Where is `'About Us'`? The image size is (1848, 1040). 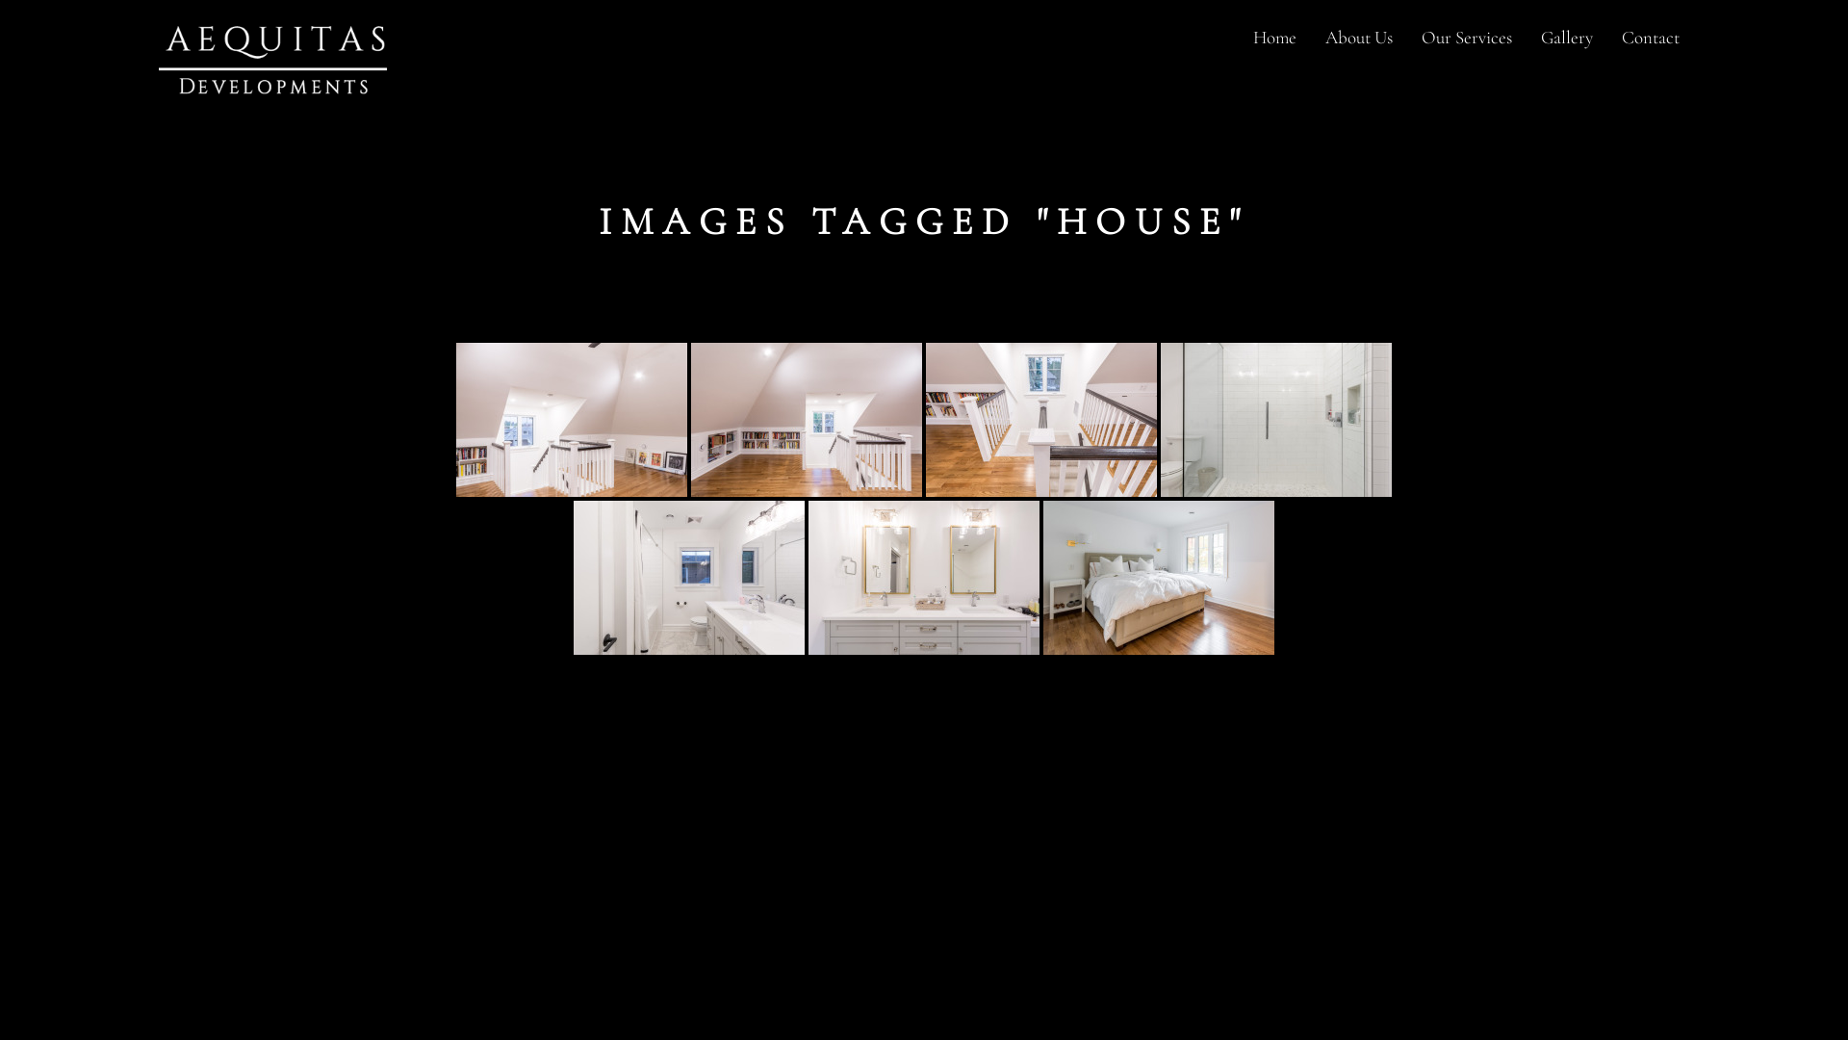
'About Us' is located at coordinates (1357, 38).